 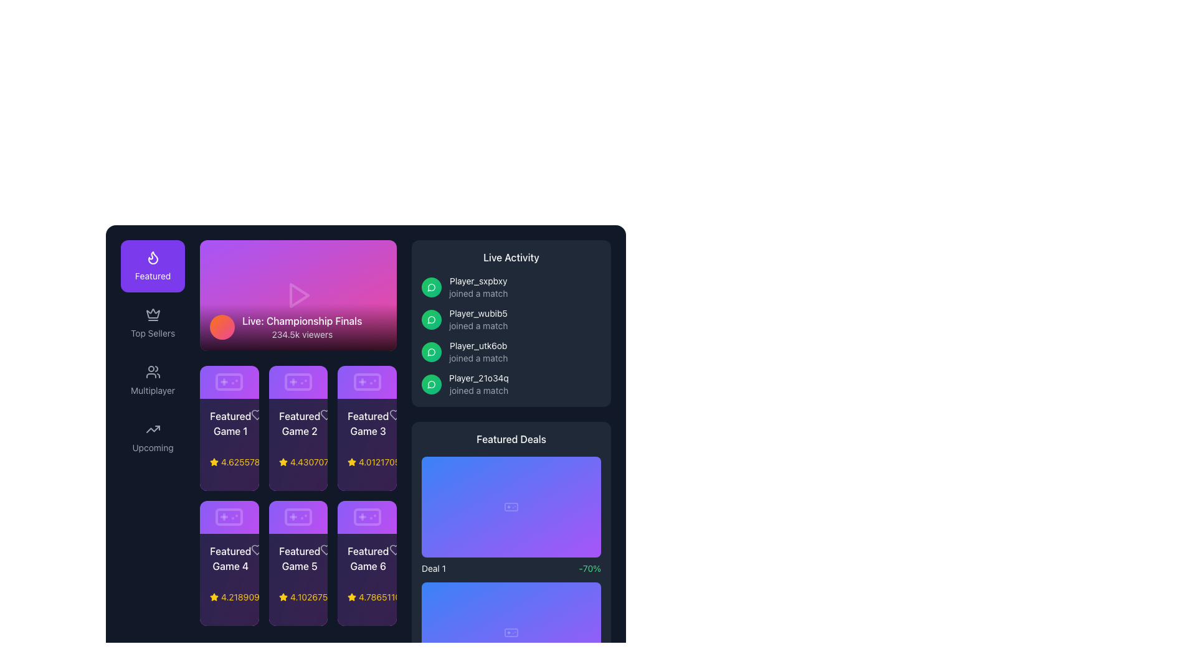 What do you see at coordinates (478, 345) in the screenshot?
I see `text label displaying the username 'Player_utk6ob' in the 'Live Activity' section, which is the third entry from the top` at bounding box center [478, 345].